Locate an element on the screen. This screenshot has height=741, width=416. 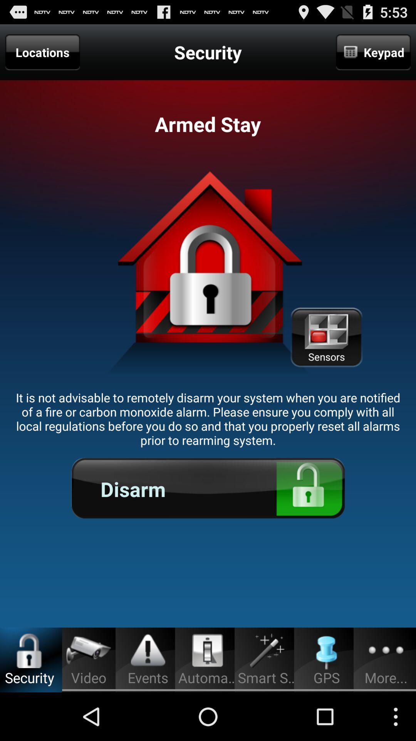
the last but one button in the bottom menu bar is located at coordinates (327, 651).